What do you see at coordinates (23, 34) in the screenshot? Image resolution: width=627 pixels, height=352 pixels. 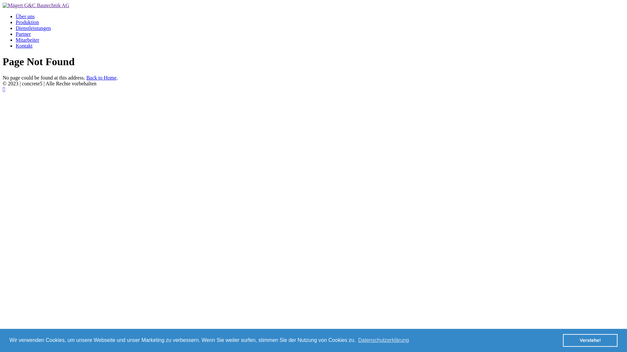 I see `'Partner'` at bounding box center [23, 34].